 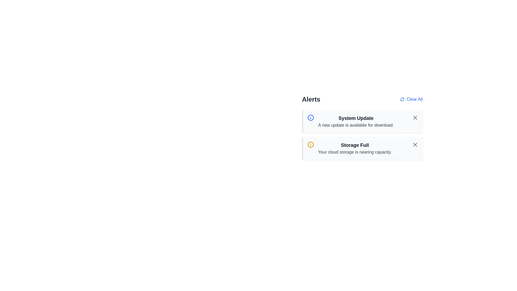 What do you see at coordinates (362, 122) in the screenshot?
I see `the content of the alert titled 'System Update'` at bounding box center [362, 122].